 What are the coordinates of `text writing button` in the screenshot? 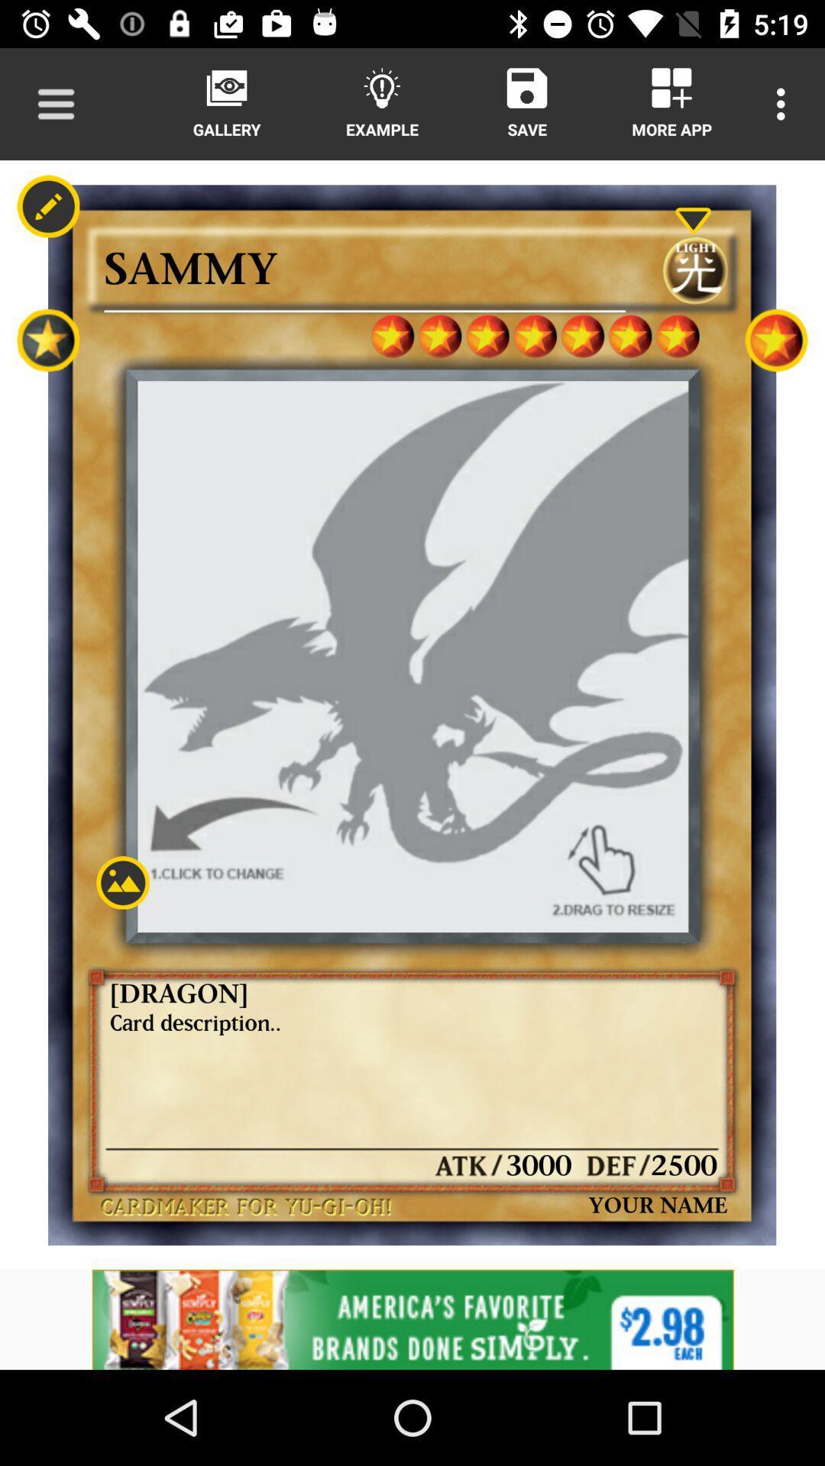 It's located at (47, 205).